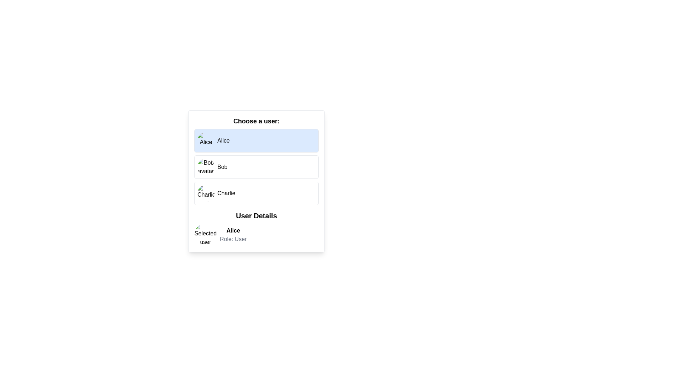  What do you see at coordinates (256, 235) in the screenshot?
I see `the Information display element that summarizes a selected user's details, including their avatar and role, located in the 'User Details' section` at bounding box center [256, 235].